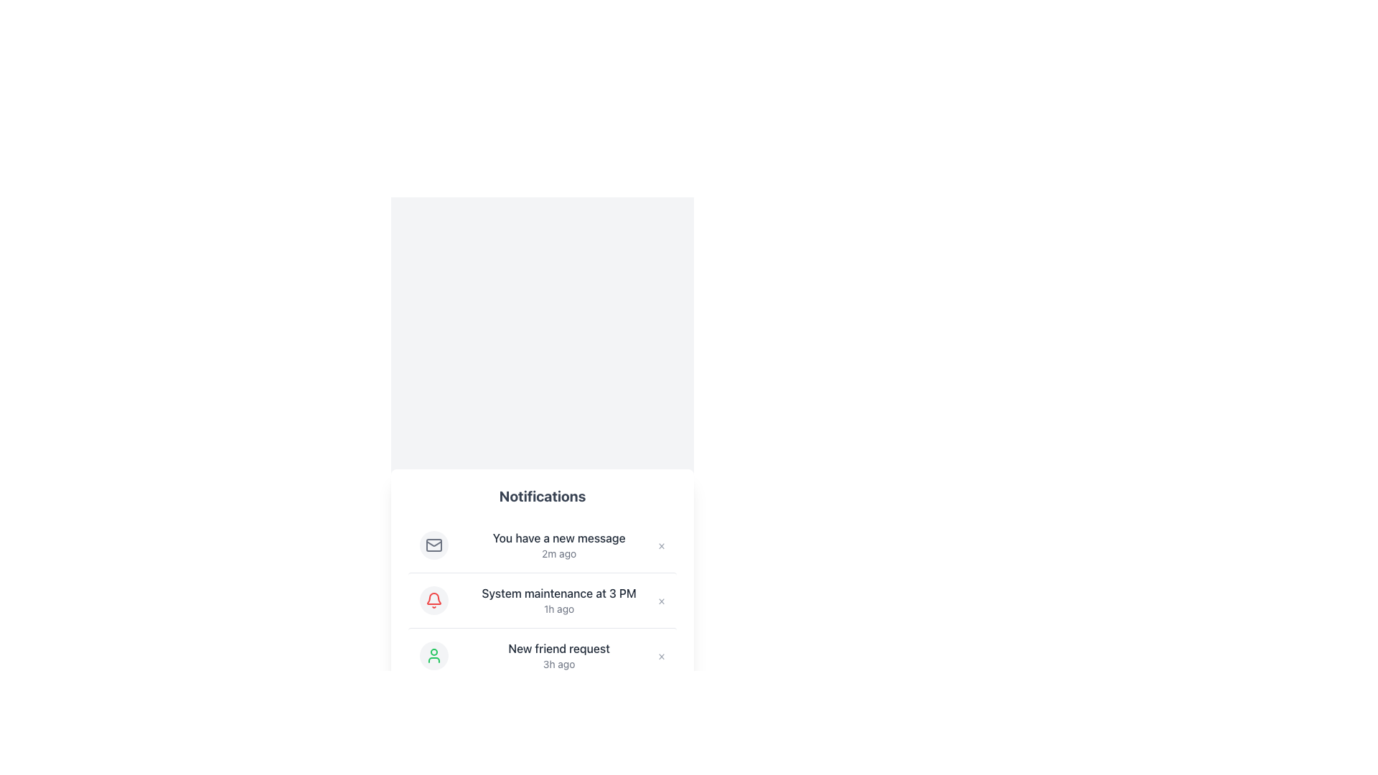 The height and width of the screenshot is (775, 1378). What do you see at coordinates (433, 656) in the screenshot?
I see `the user avatar icon representing a new friend request notification located to the left of the 'New friend request' text in the third row of the notifications list` at bounding box center [433, 656].